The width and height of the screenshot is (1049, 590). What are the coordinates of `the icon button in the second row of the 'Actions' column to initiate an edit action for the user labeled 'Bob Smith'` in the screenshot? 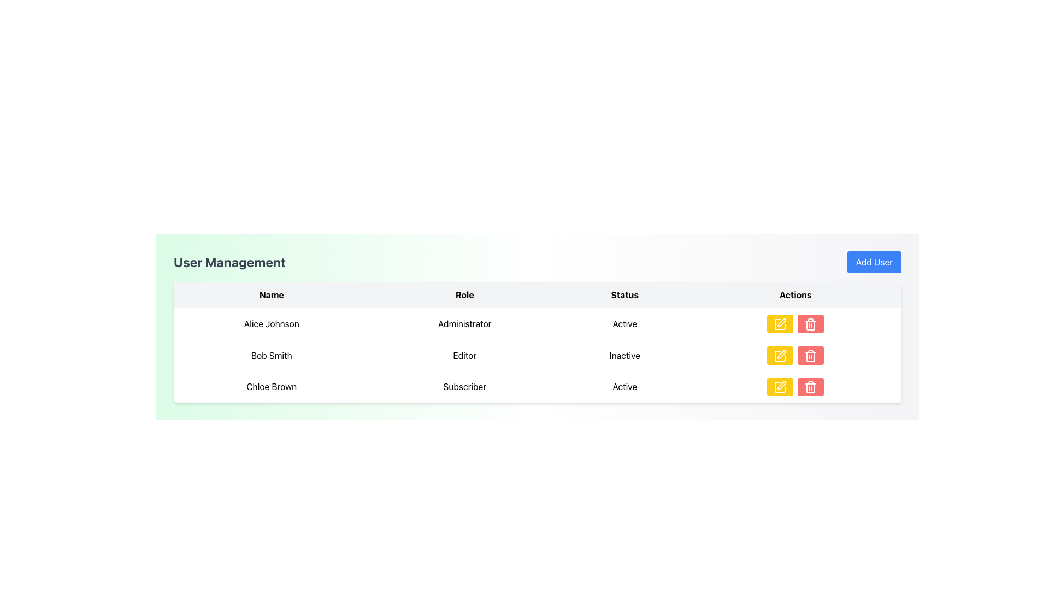 It's located at (781, 354).